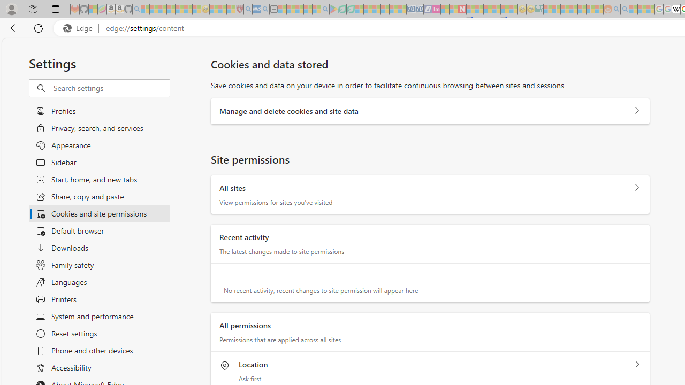 This screenshot has width=685, height=385. Describe the element at coordinates (111, 88) in the screenshot. I see `'Search settings'` at that location.